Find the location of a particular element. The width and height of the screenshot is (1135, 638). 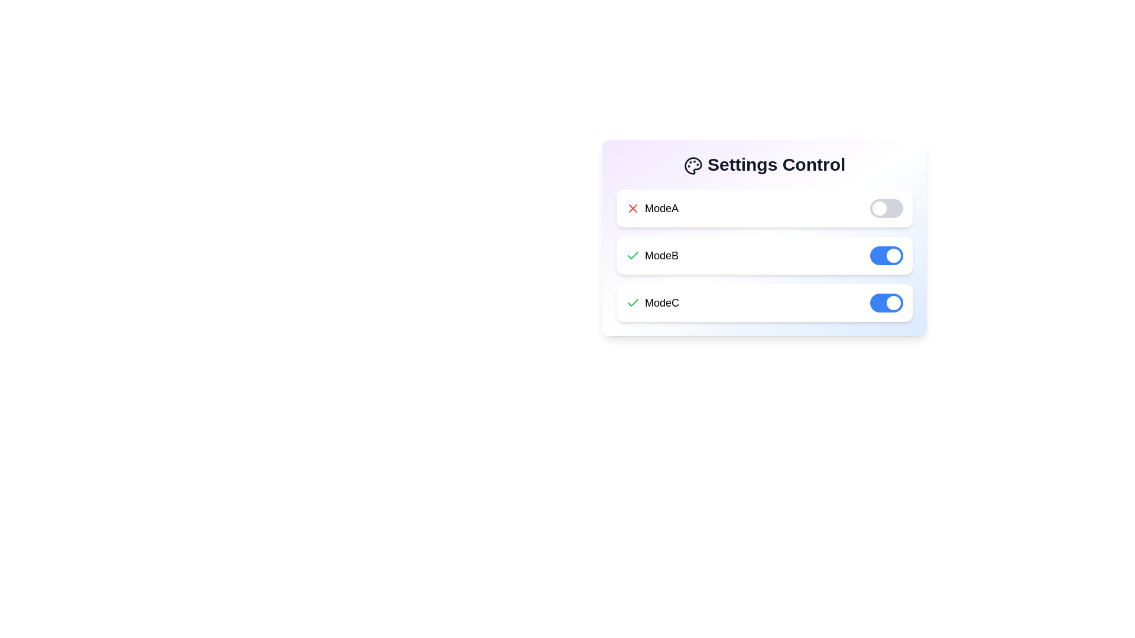

the 'ModeA' settings item with toggle switch located at the top of the vertically stacked list of settings items is located at coordinates (764, 208).